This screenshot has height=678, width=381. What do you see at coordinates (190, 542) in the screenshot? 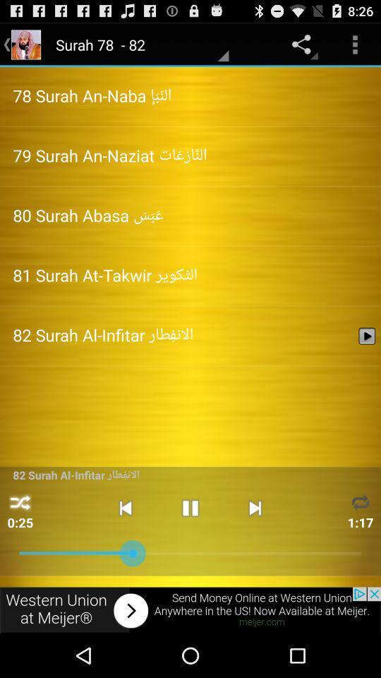
I see `the pause icon` at bounding box center [190, 542].